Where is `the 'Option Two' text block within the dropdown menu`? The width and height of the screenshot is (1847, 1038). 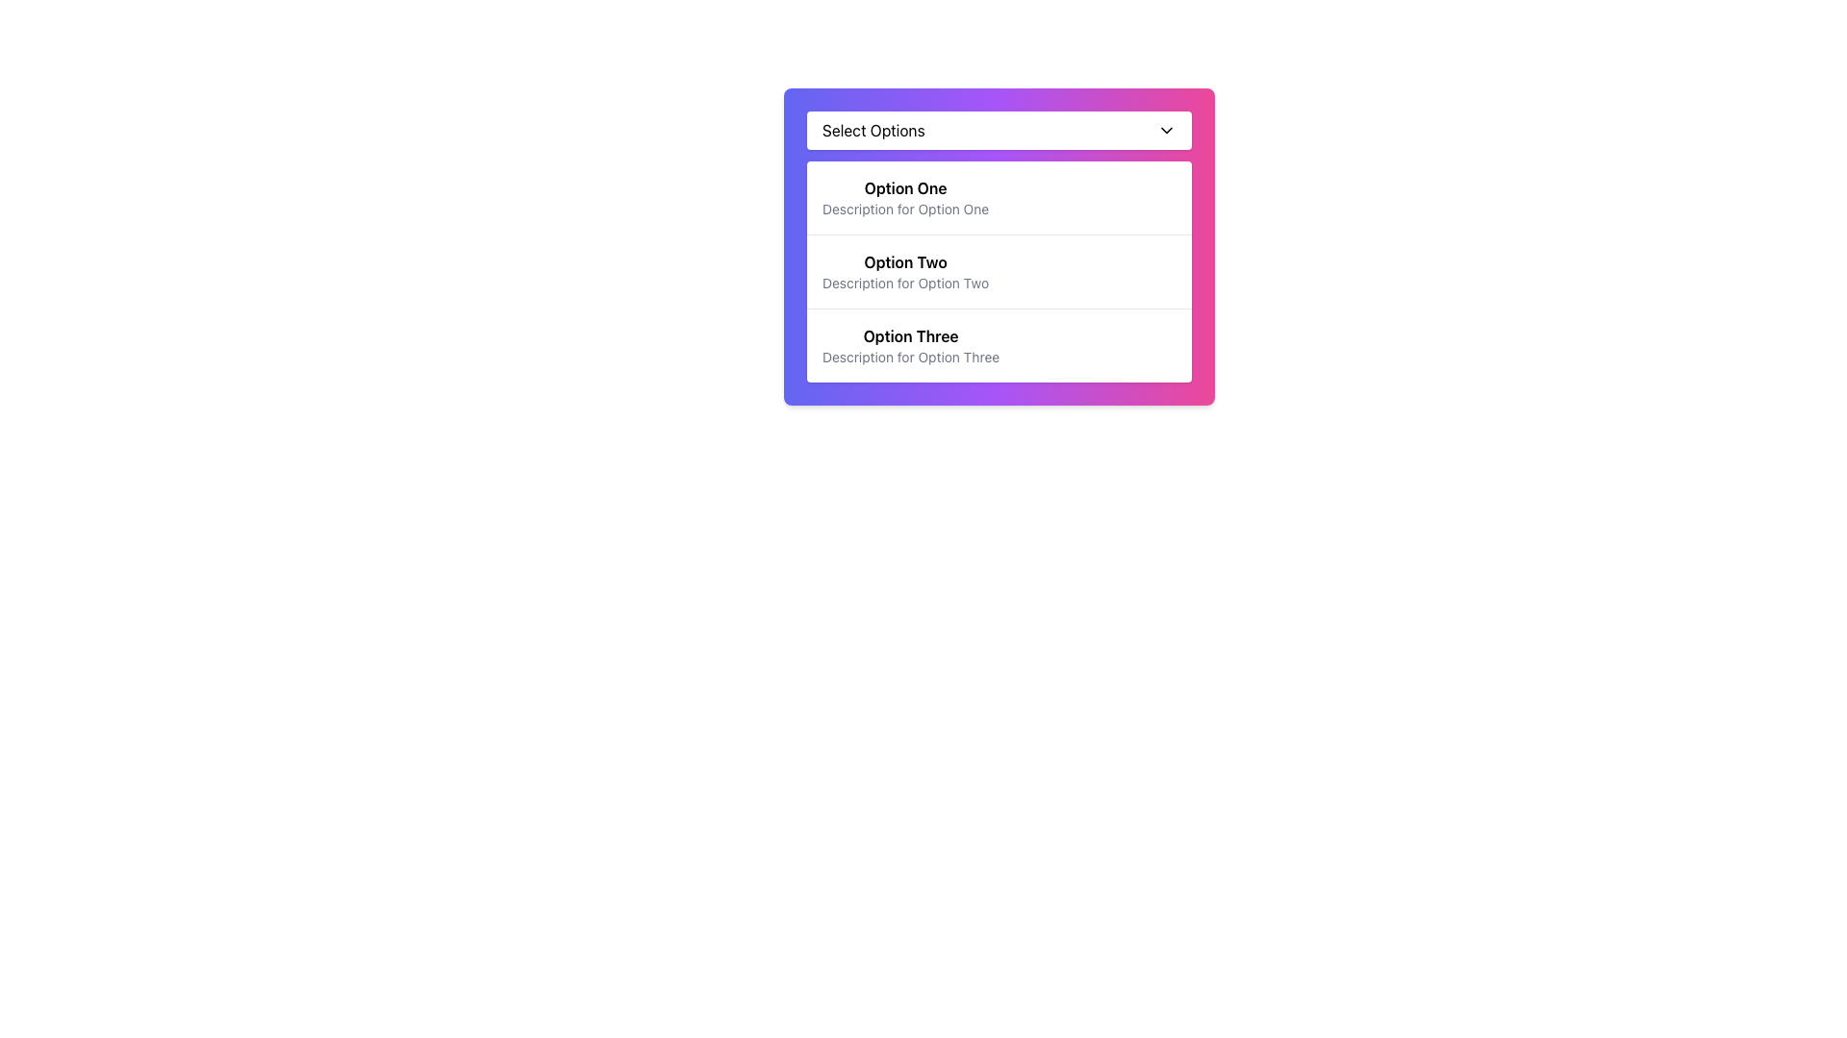 the 'Option Two' text block within the dropdown menu is located at coordinates (904, 271).